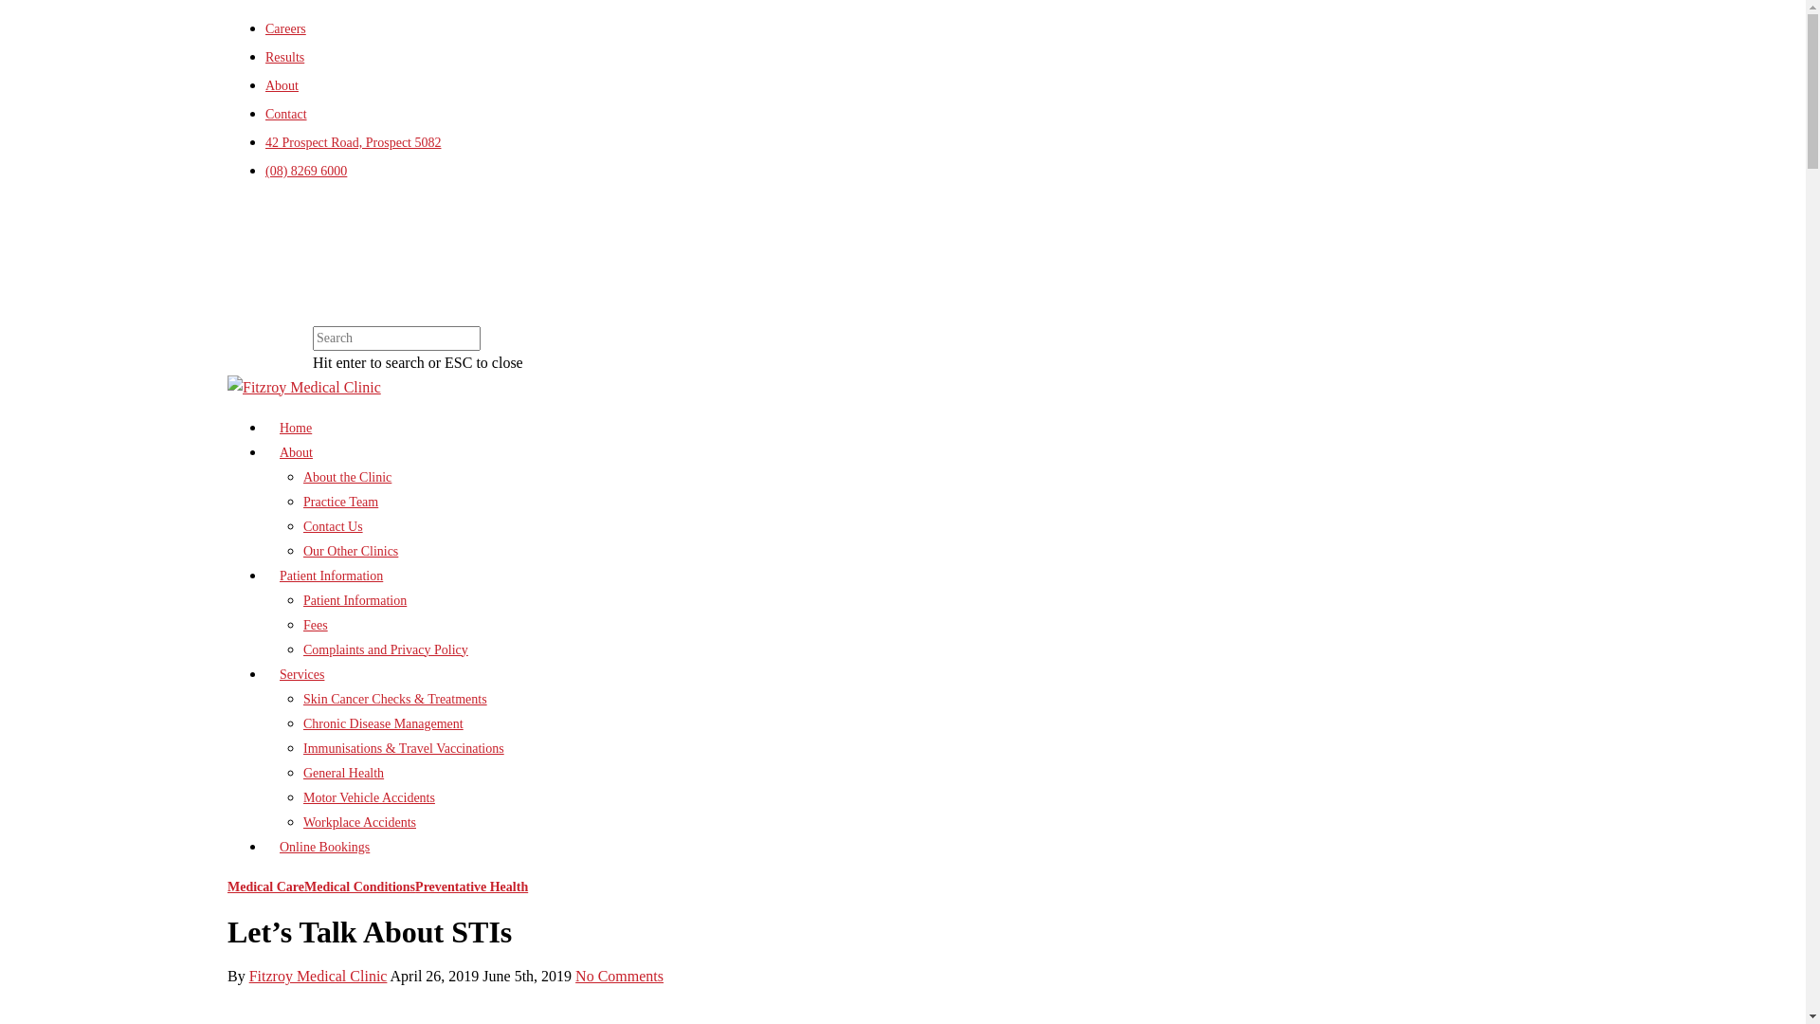 The width and height of the screenshot is (1820, 1024). I want to click on 'Fees', so click(315, 625).